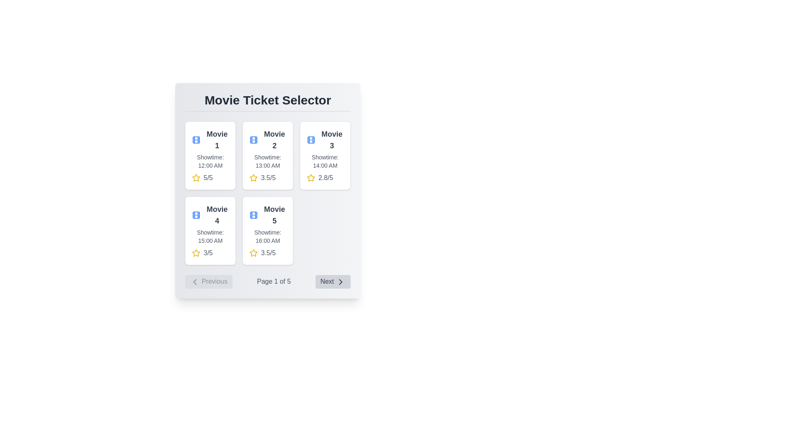 The image size is (793, 446). I want to click on the previous page button, which is currently disabled and located at the bottom-left corner of the interface, so click(209, 281).